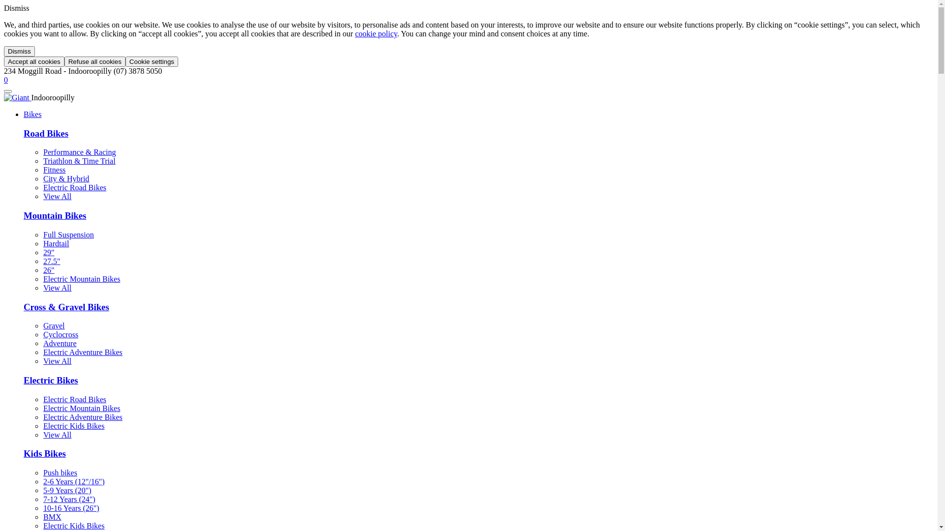 This screenshot has width=945, height=531. I want to click on 'Electric Mountain Bikes', so click(82, 408).